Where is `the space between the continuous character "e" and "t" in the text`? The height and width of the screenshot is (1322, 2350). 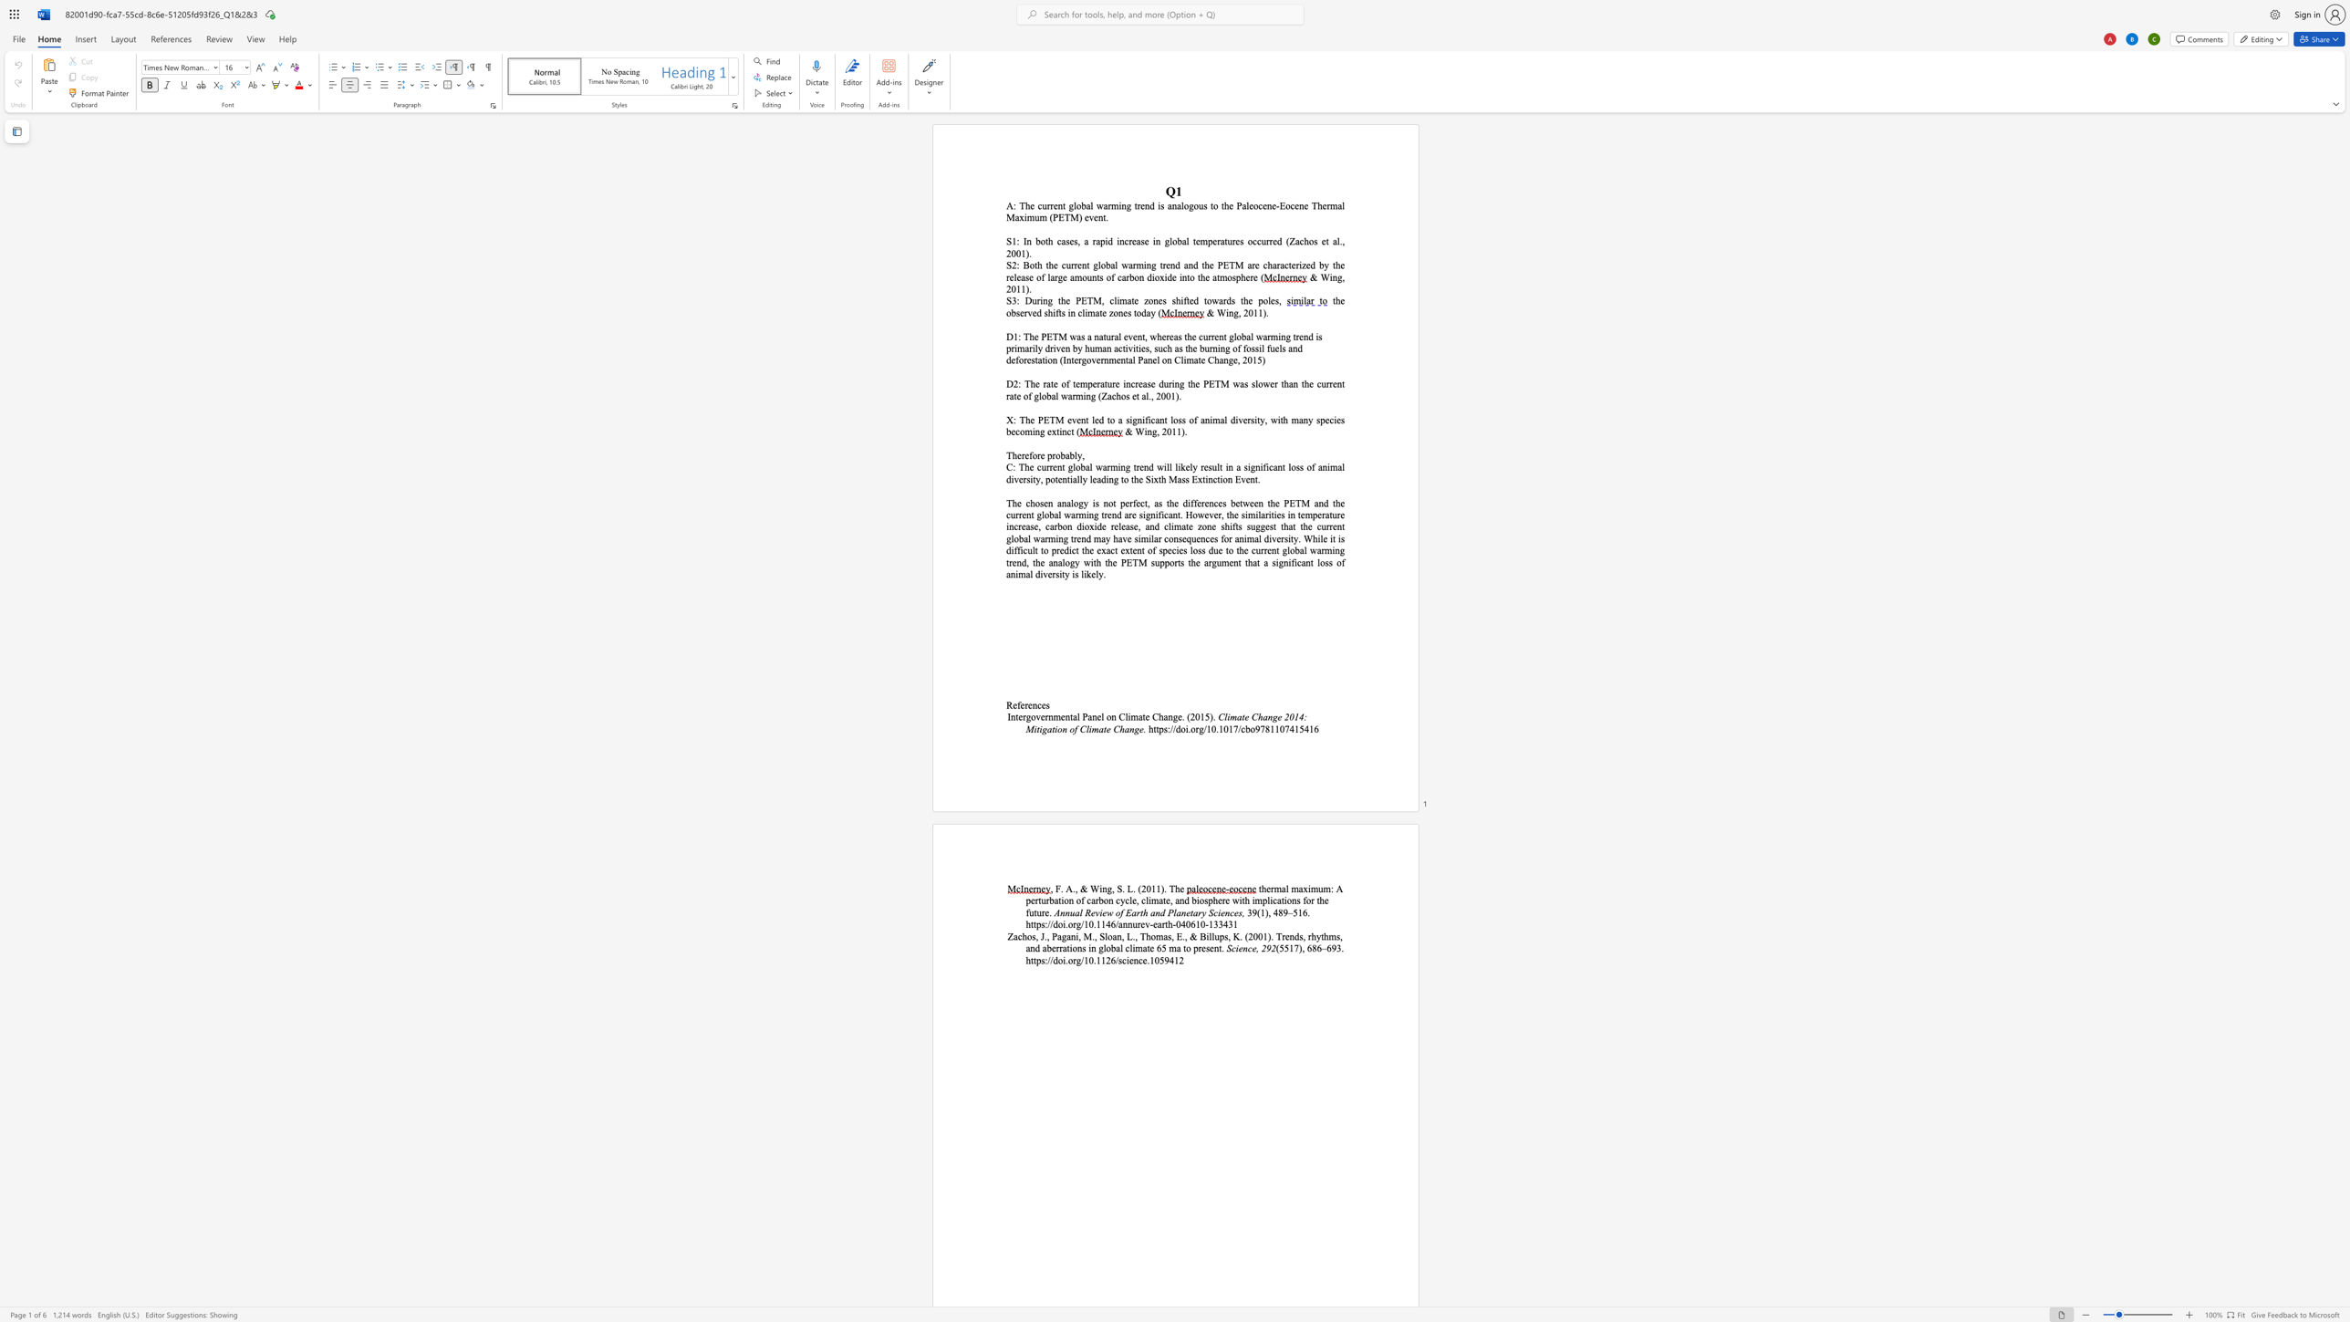
the space between the continuous character "e" and "t" in the text is located at coordinates (1325, 241).